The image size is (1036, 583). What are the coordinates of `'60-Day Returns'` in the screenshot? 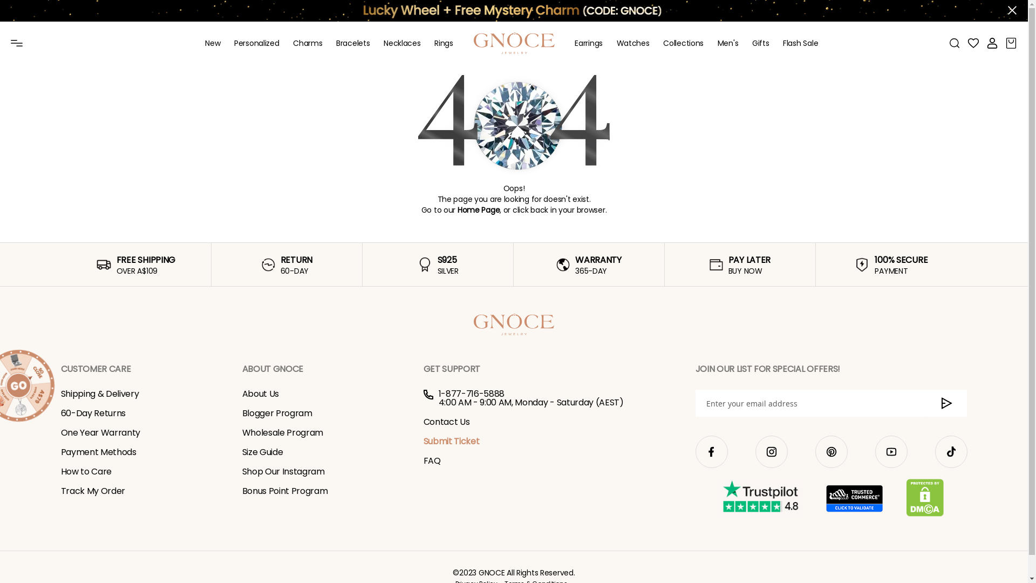 It's located at (93, 413).